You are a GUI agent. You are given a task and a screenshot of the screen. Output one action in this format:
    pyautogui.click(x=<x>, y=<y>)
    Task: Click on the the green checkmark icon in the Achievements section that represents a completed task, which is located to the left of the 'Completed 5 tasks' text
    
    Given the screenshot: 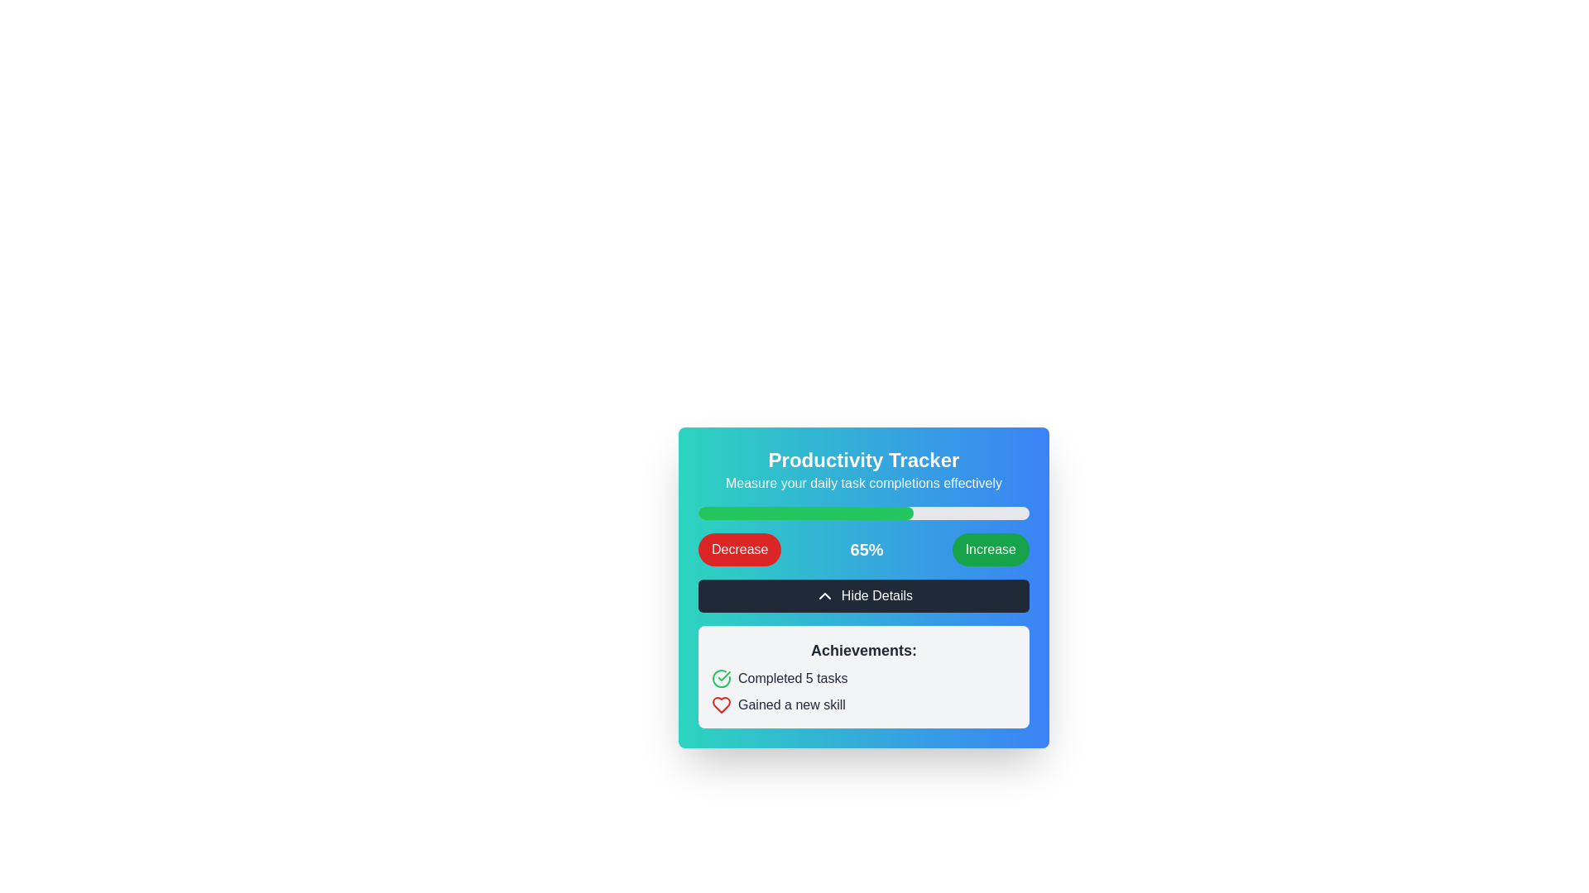 What is the action you would take?
    pyautogui.click(x=722, y=679)
    